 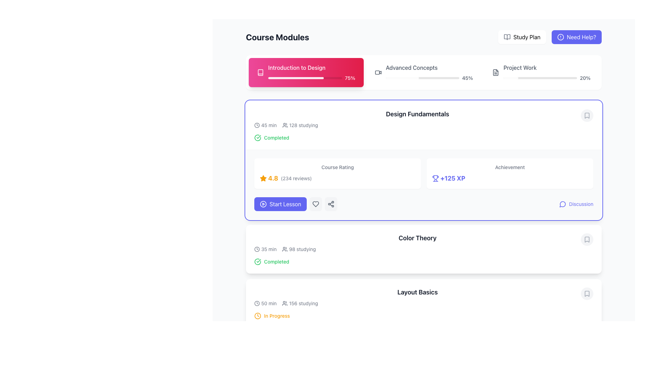 What do you see at coordinates (429, 68) in the screenshot?
I see `textual label displaying 'Advanced Concepts' which is styled in a standard sans-serif font and appears in black color. It is located in the top-right horizontal section of a module header, adjacent to 'Introduction to Design' and 'Project Work.'` at bounding box center [429, 68].